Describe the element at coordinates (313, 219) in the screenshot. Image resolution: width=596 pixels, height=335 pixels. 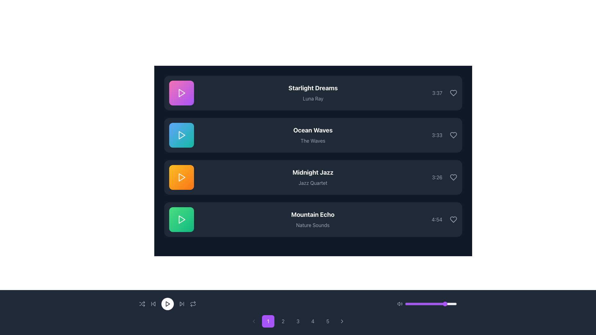
I see `the 'Mountain Echo' text display element, which features a bold white title and a gray subtitle, located centrally in the fourth row of a structured menu layout` at that location.